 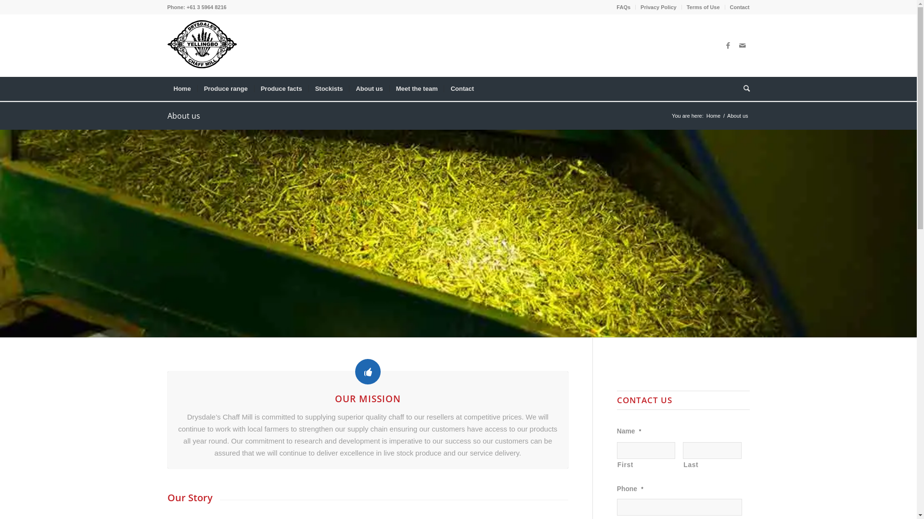 What do you see at coordinates (742, 46) in the screenshot?
I see `'Mail'` at bounding box center [742, 46].